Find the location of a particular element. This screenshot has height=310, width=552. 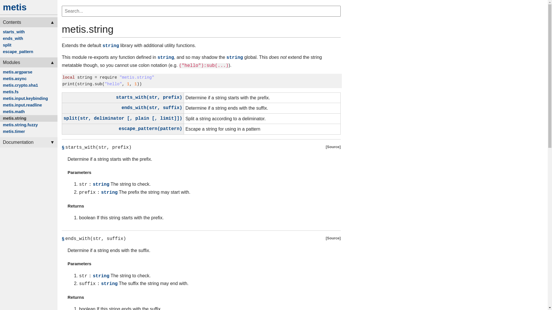

'string' is located at coordinates (84, 84).